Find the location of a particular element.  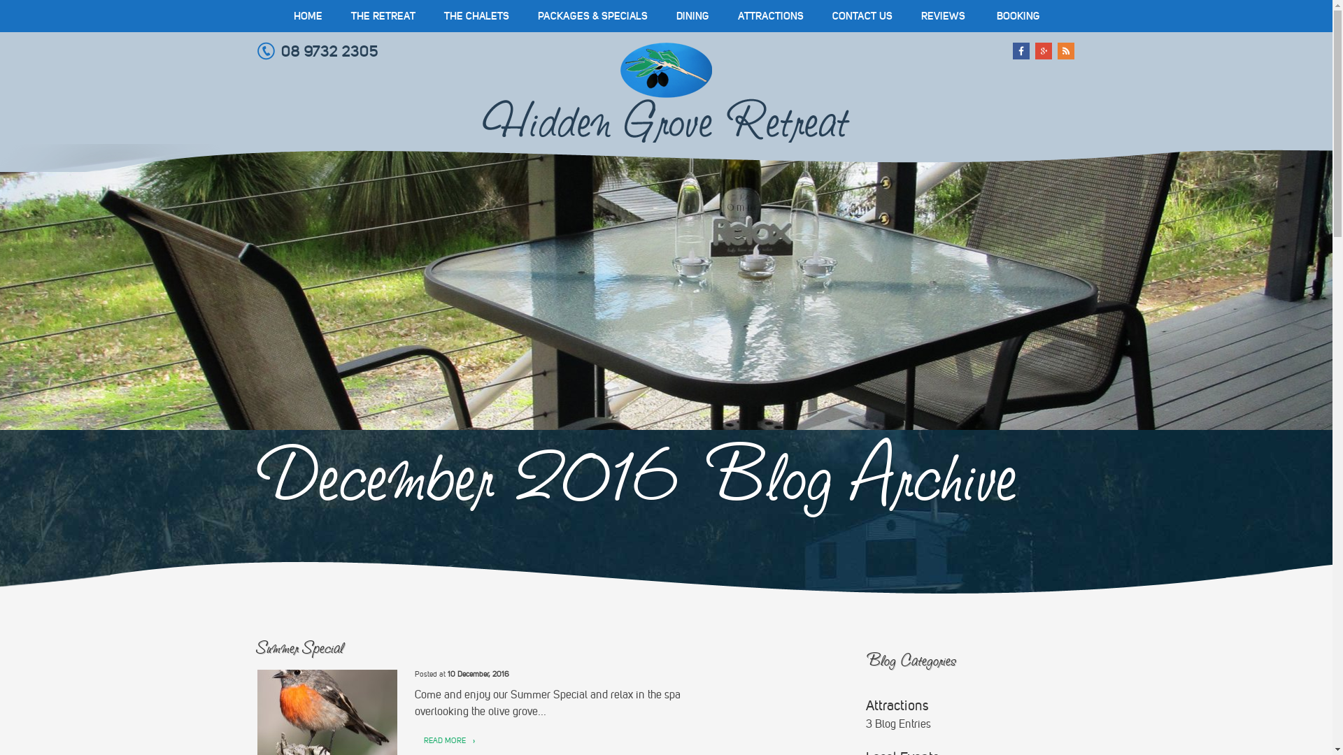

'HOME' is located at coordinates (279, 16).